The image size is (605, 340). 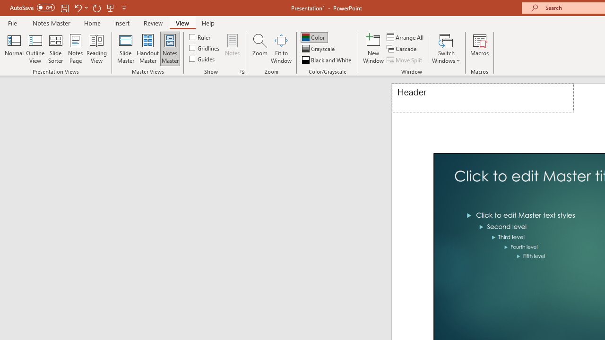 I want to click on 'Cascade', so click(x=402, y=49).